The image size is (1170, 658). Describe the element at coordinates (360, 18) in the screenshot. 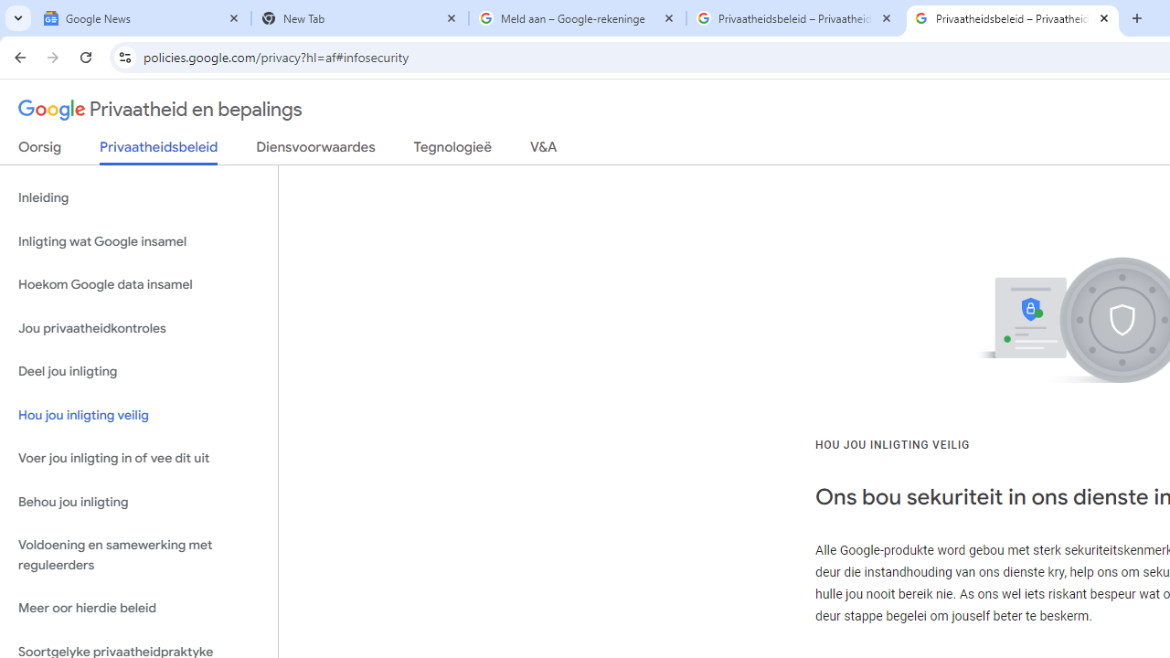

I see `'New Tab'` at that location.